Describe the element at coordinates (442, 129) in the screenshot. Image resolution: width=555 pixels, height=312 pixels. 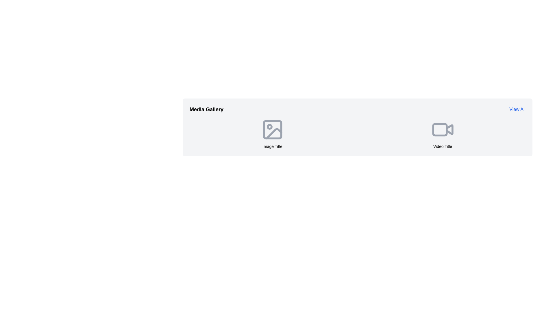
I see `the video icon that represents video content, located in the media gallery layout, positioned right of the 'Image Title' and above the 'Video Title'` at that location.